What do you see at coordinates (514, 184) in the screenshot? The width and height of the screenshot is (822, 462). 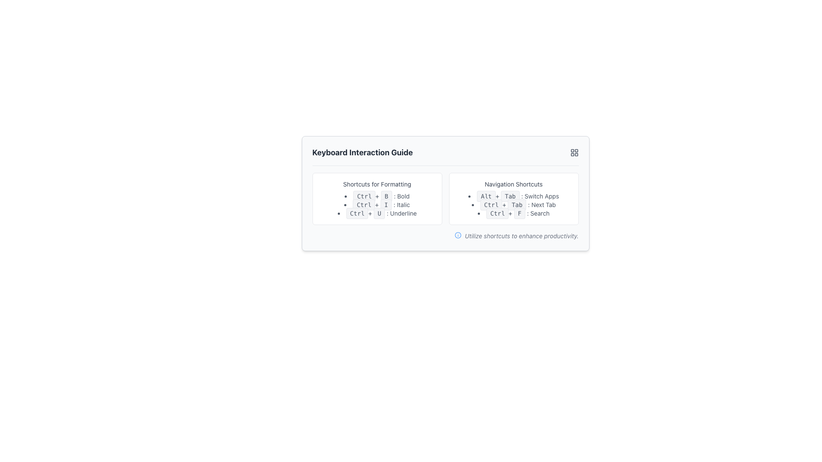 I see `the text label 'Navigation Shortcuts', which is styled with a small bold font and gray color, located at the top of the keyboard shortcuts list` at bounding box center [514, 184].